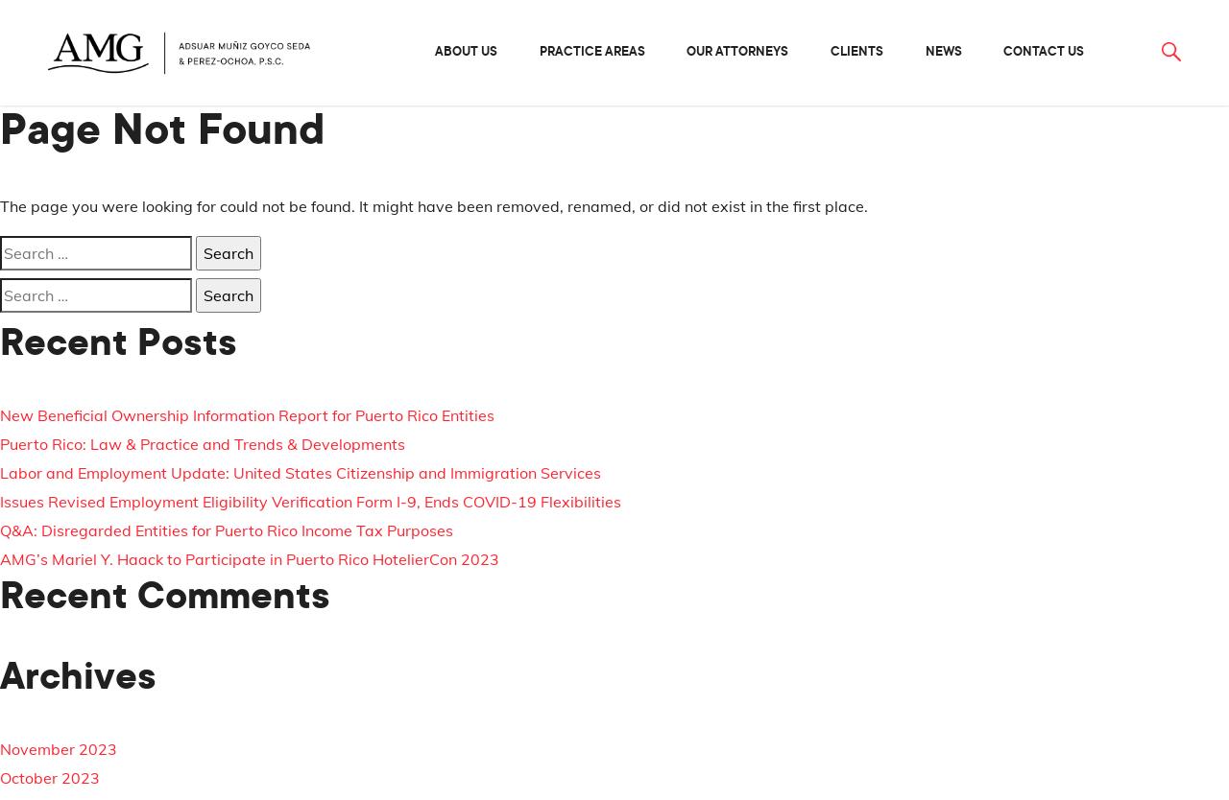 The height and width of the screenshot is (800, 1229). Describe the element at coordinates (299, 471) in the screenshot. I see `'Labor and Employment Update: United States Citizenship and Immigration Services'` at that location.